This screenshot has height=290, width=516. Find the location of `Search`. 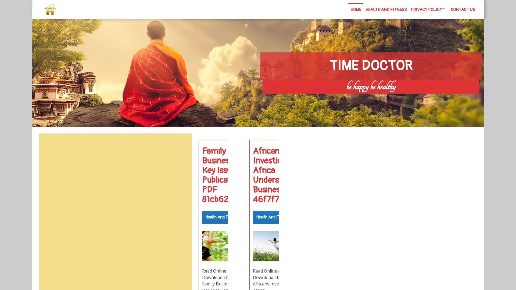

Search is located at coordinates (179, 146).